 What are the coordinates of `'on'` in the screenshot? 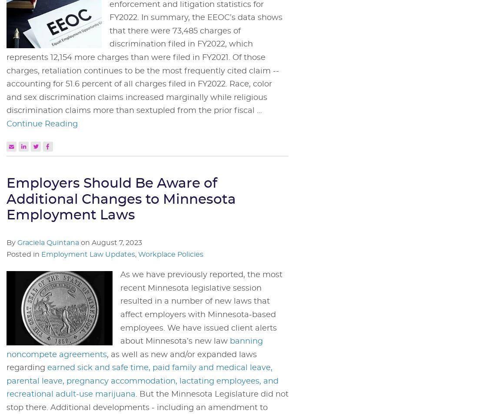 It's located at (79, 242).